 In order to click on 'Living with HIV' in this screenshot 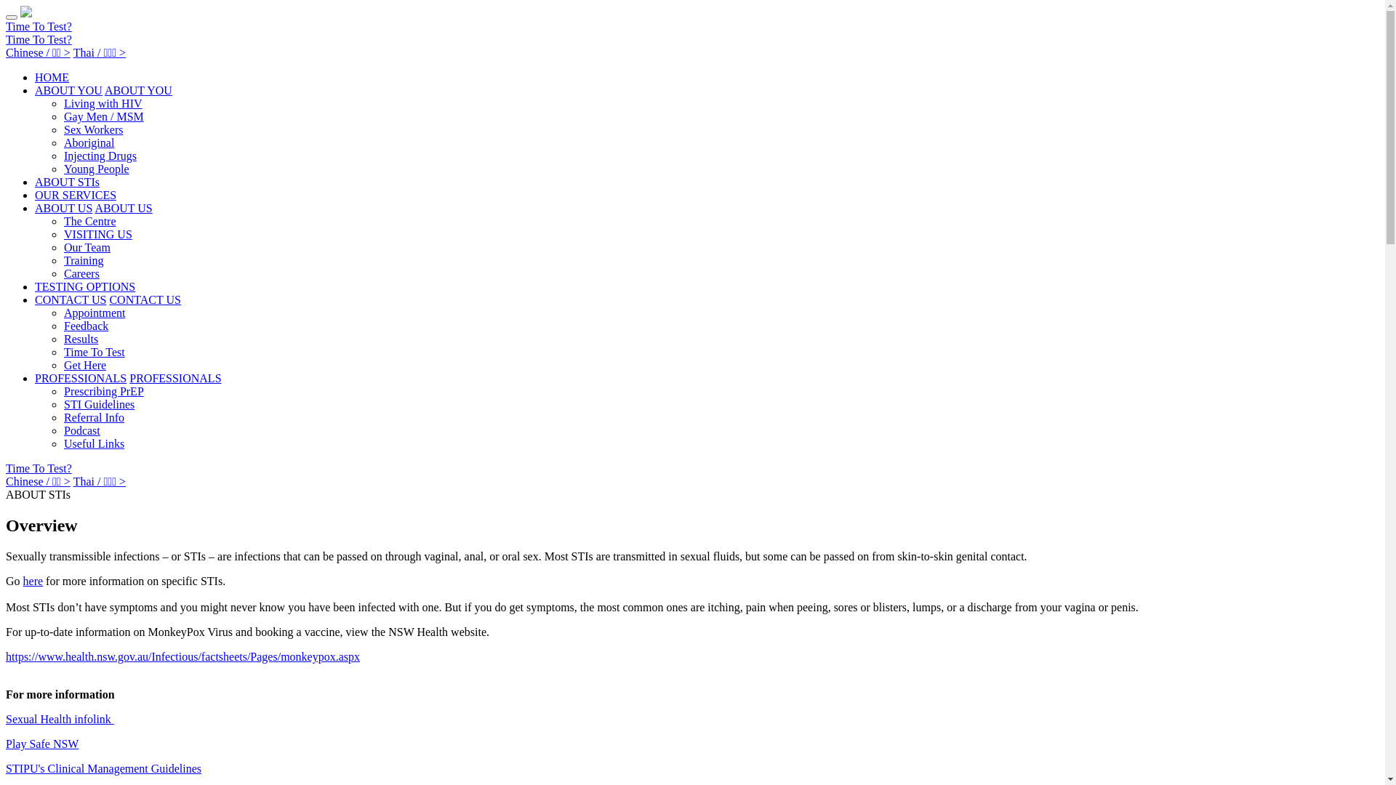, I will do `click(103, 102)`.